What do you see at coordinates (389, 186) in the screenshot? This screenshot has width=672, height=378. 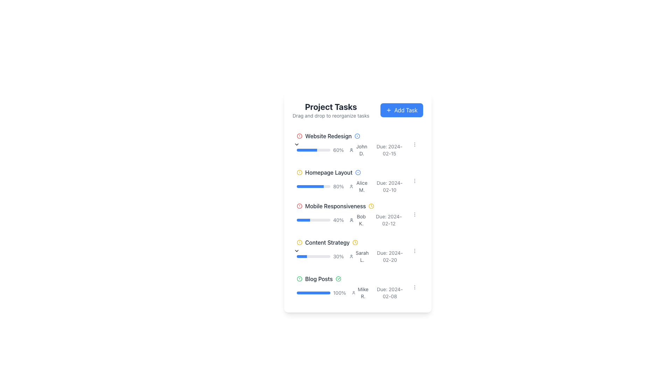 I see `text label displaying 'Due: 2024-02-10' in gray font color, which is positioned to the right of 'Alice M.' in the second row of task details for the 'Homepage Layout' task` at bounding box center [389, 186].